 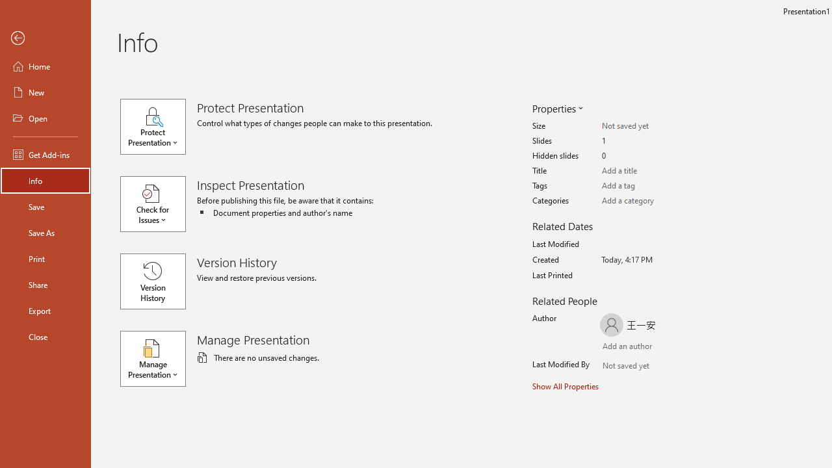 What do you see at coordinates (615, 346) in the screenshot?
I see `'Add an author'` at bounding box center [615, 346].